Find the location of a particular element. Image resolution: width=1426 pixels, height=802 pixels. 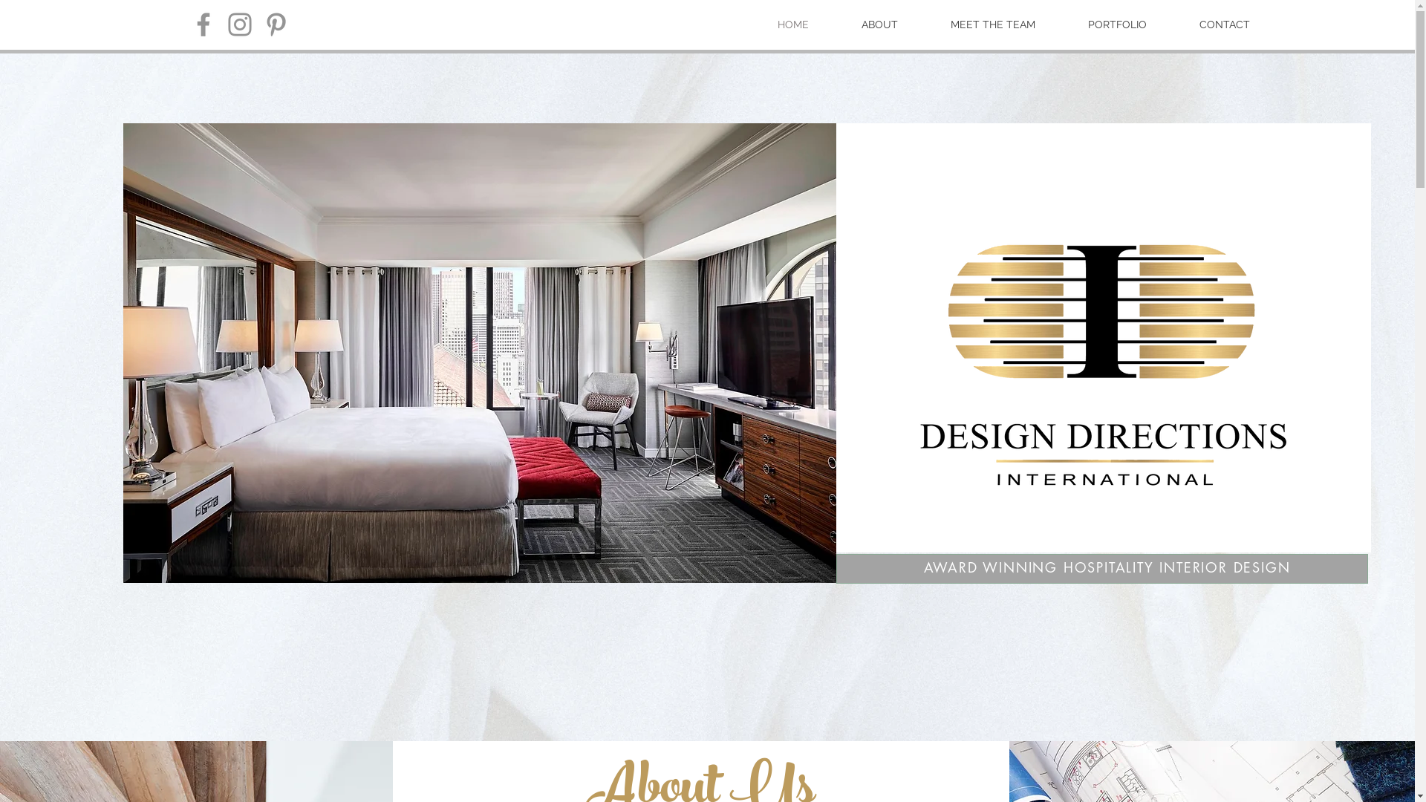

'HOME' is located at coordinates (791, 25).